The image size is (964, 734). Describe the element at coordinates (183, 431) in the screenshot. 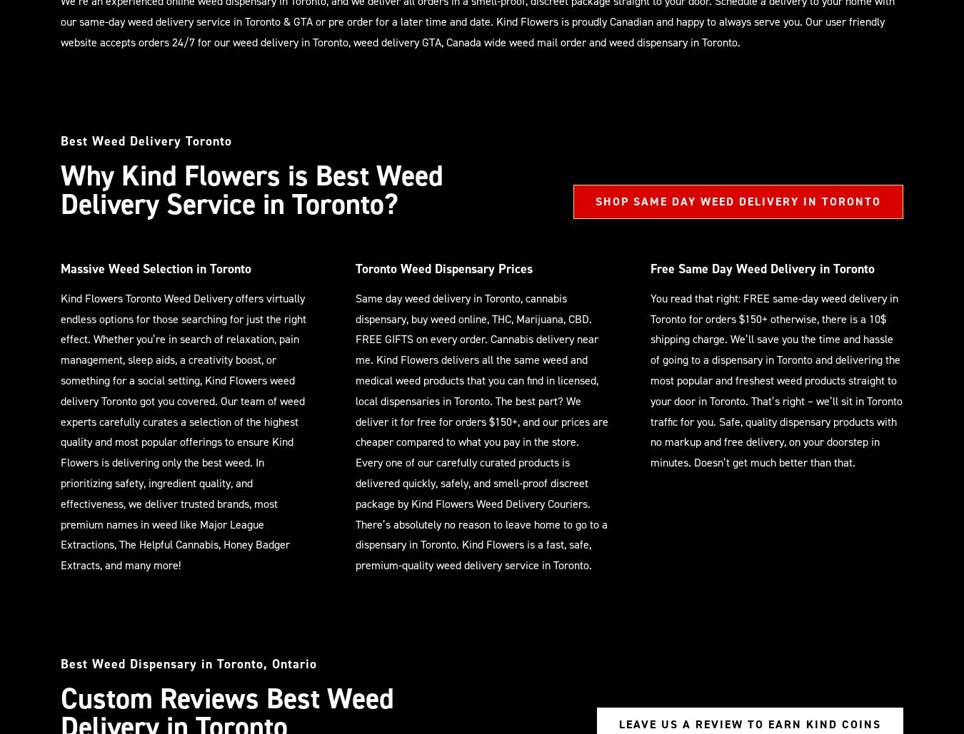

I see `'Kind Flowers Toronto Weed Delivery offers virtually endless options for those searching for just the right effect. Whether you’re in search of relaxation, pain management, sleep aids, a creativity boost, or something for a social setting, Kind Flowers weed delivery Toronto got you covered. Our team of weed experts carefully curates a selection of the highest quality and most popular offerings to ensure Kind Flowers is delivering only the best weed. In prioritizing safety, ingredient quality, and effectiveness, we deliver trusted brands, most premium names in weed like Major League Extractions, The Helpful Cannabis, Honey Badger Extracts, and many more!'` at that location.